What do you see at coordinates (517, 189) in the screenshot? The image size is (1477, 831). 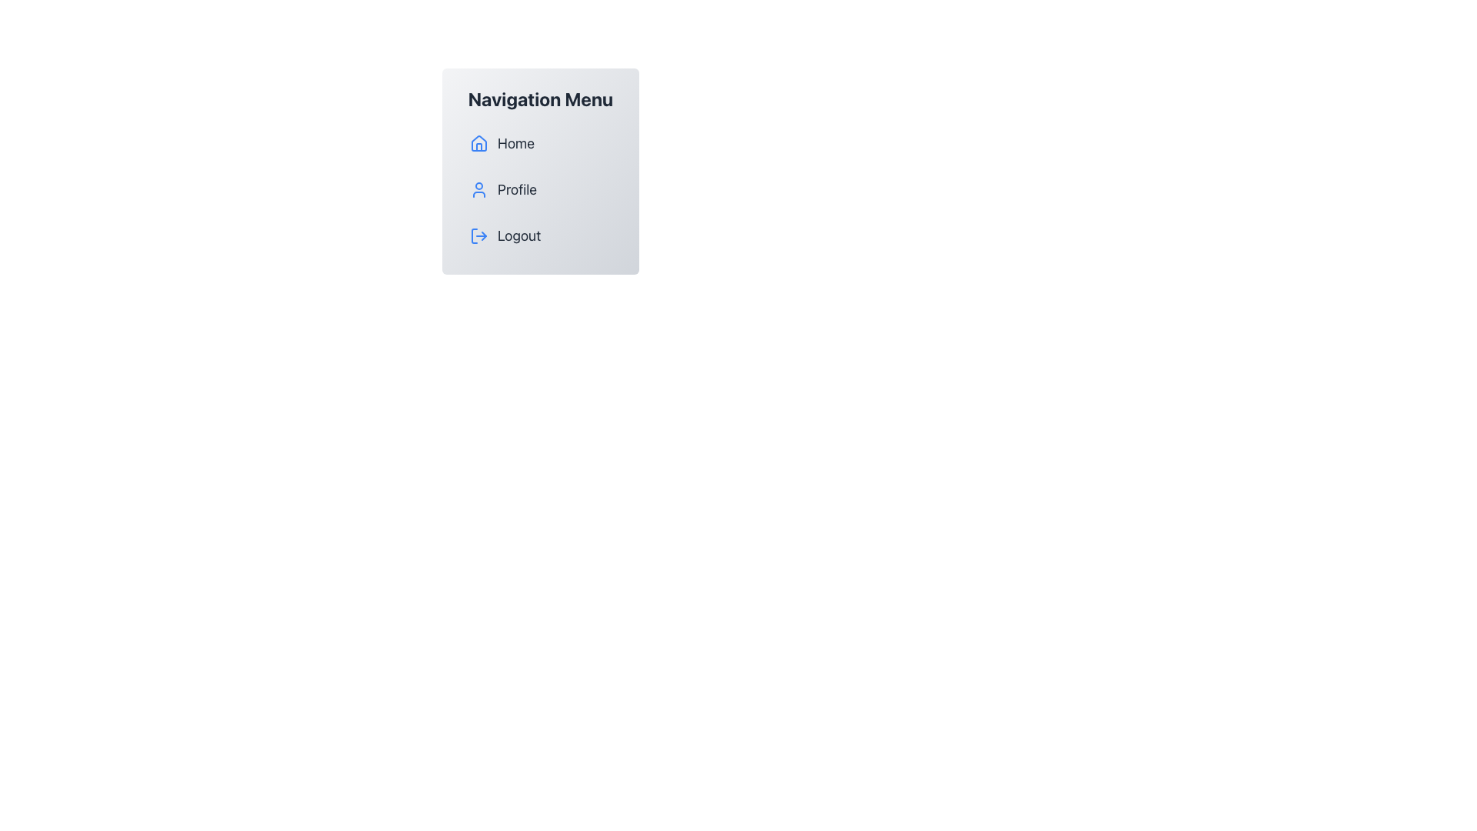 I see `the 'Profile' text label in the vertical navigation menu, which is located below the 'Home' option and above the 'Logout' option, aligned with a profile icon to its left` at bounding box center [517, 189].